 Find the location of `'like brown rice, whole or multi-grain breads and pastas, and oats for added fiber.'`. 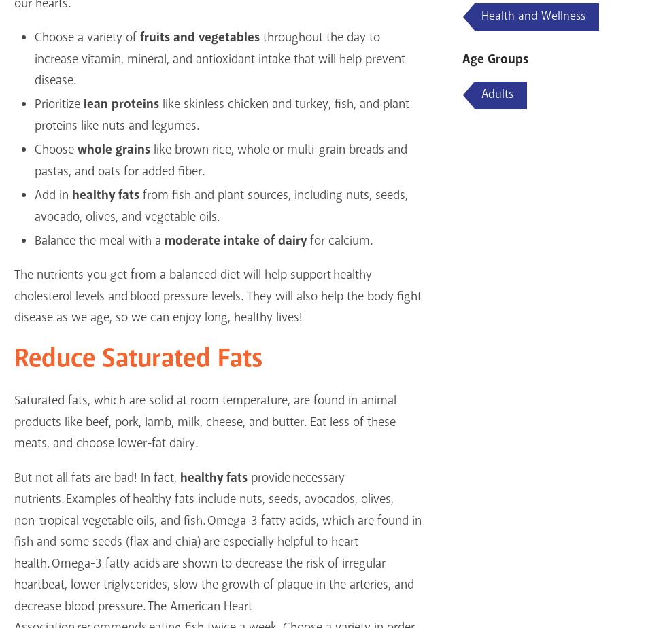

'like brown rice, whole or multi-grain breads and pastas, and oats for added fiber.' is located at coordinates (220, 160).